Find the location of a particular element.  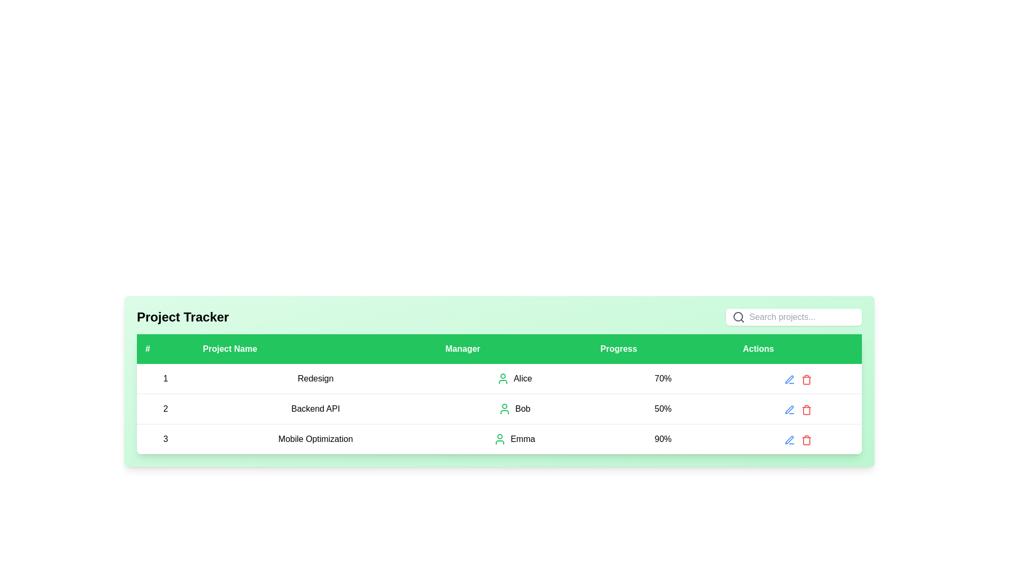

the decorative graphical element, which is a circular shape located within the magnifying glass icon, positioned at the center of the circular part of the magnifying glass is located at coordinates (738, 316).